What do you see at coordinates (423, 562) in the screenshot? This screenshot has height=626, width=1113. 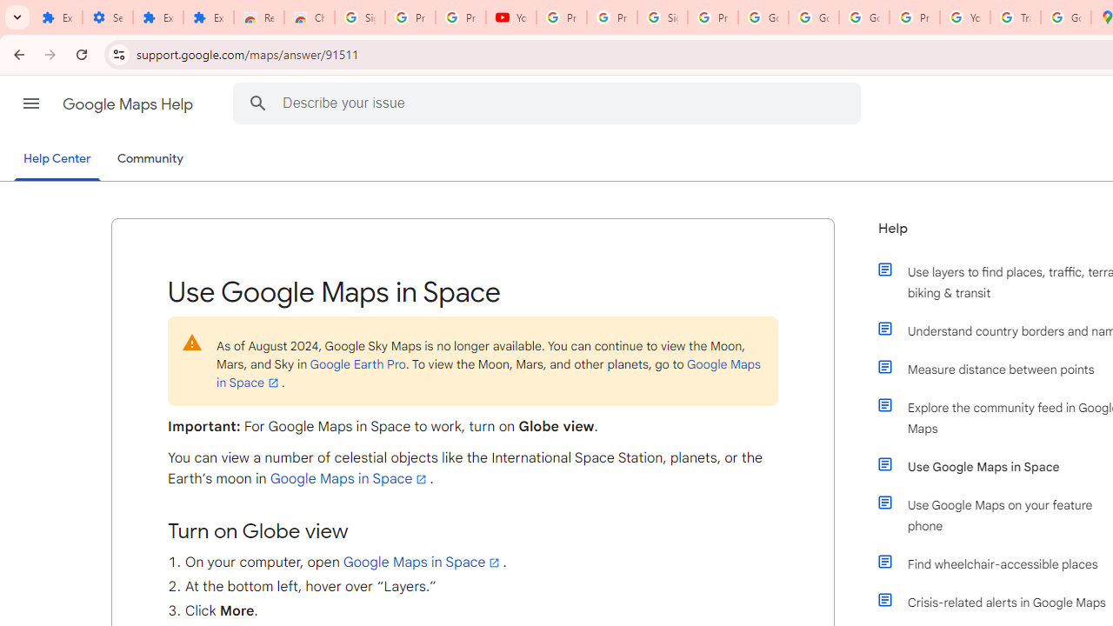 I see `'Google Maps in Space'` at bounding box center [423, 562].